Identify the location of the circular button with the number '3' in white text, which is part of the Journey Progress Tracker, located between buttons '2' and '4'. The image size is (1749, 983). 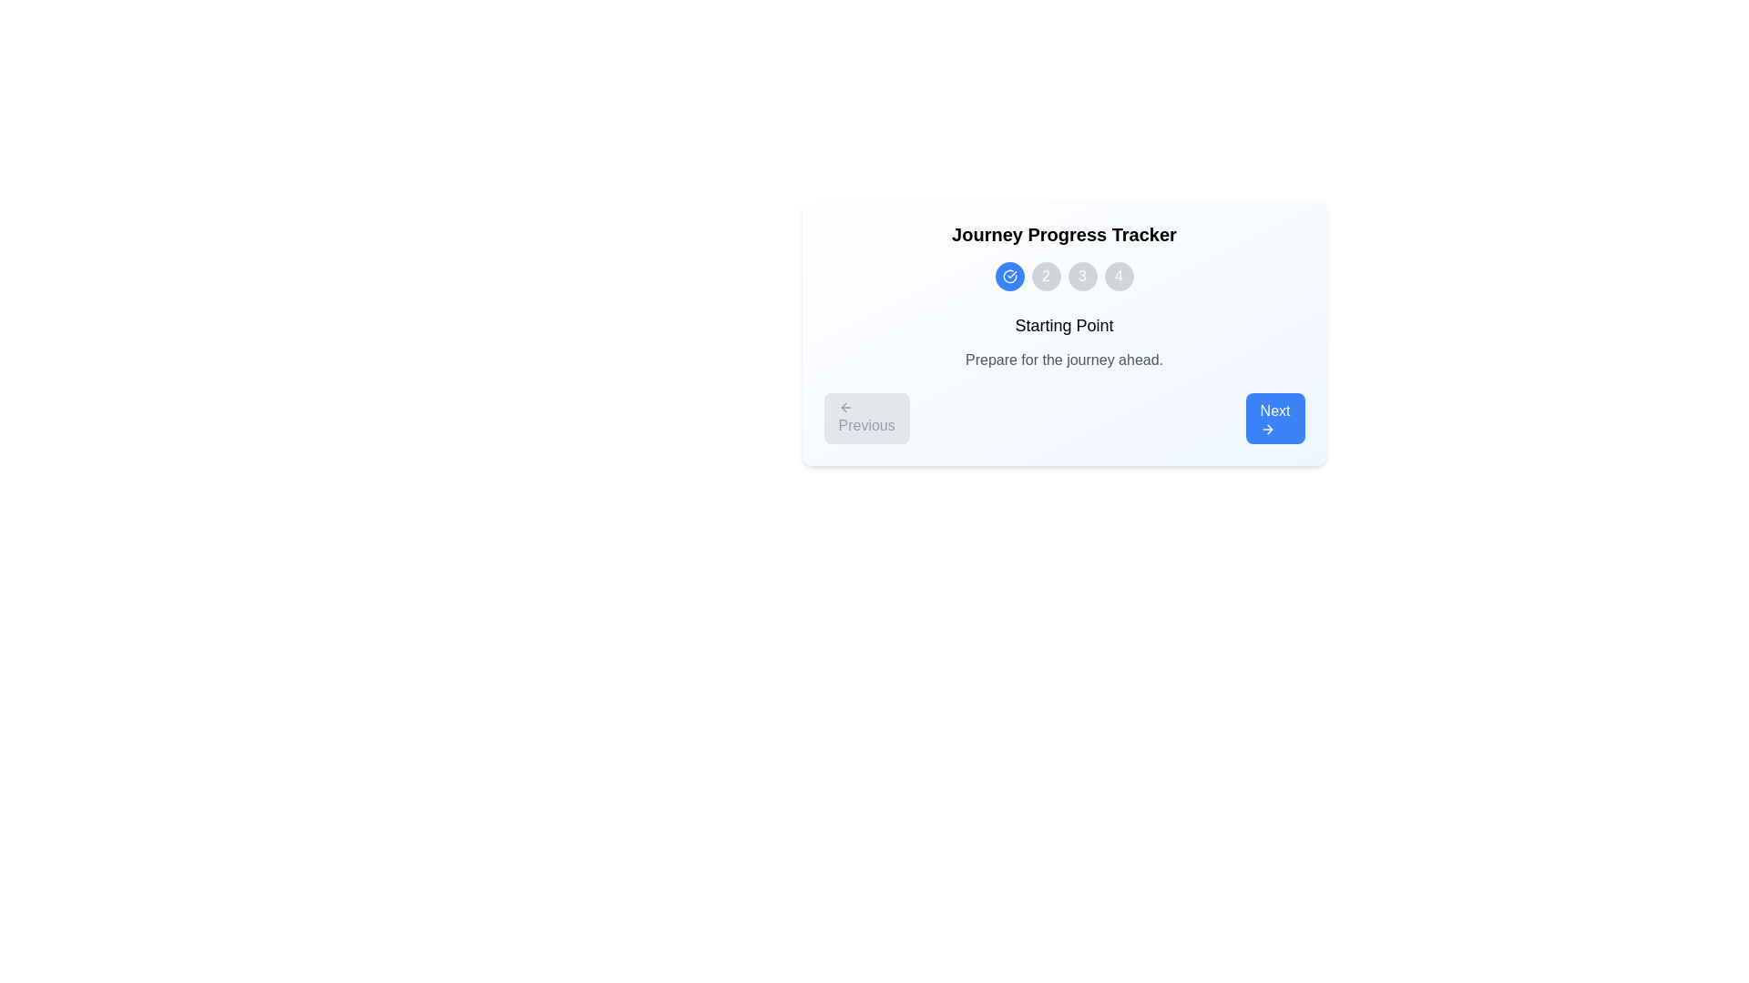
(1082, 277).